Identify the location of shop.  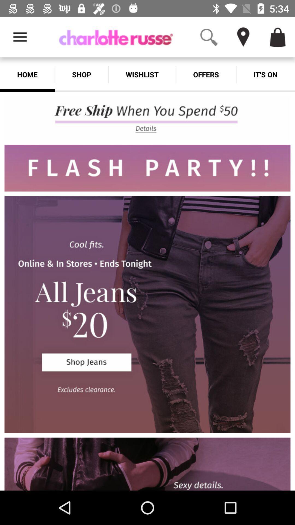
(82, 74).